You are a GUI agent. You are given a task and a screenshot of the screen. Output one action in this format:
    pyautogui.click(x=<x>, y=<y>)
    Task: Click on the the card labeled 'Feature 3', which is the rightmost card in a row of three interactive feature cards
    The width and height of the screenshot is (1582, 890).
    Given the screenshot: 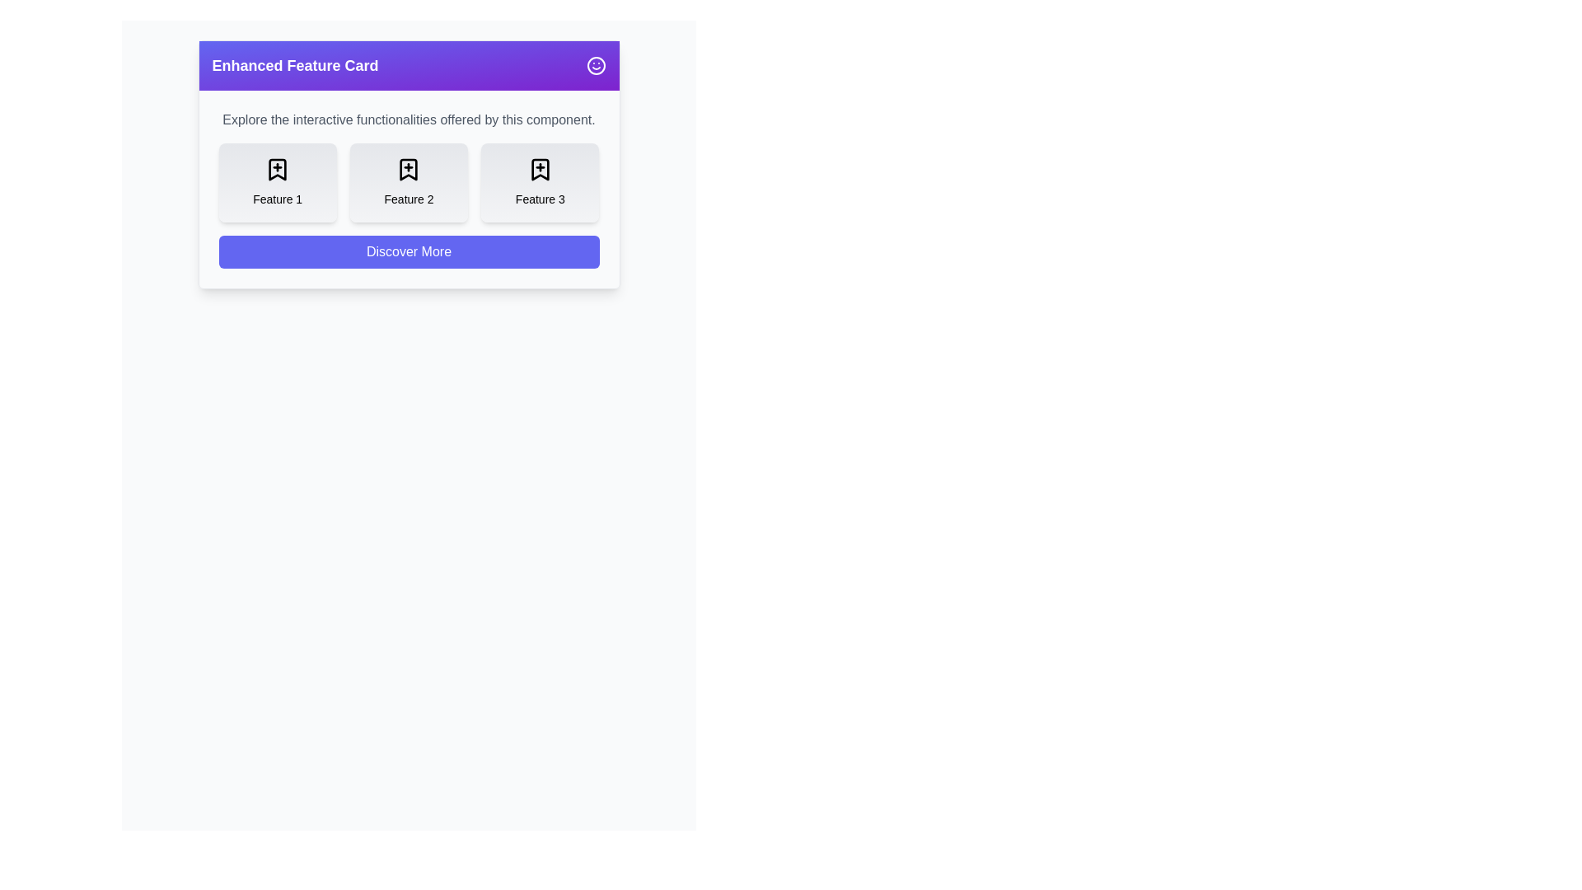 What is the action you would take?
    pyautogui.click(x=540, y=183)
    